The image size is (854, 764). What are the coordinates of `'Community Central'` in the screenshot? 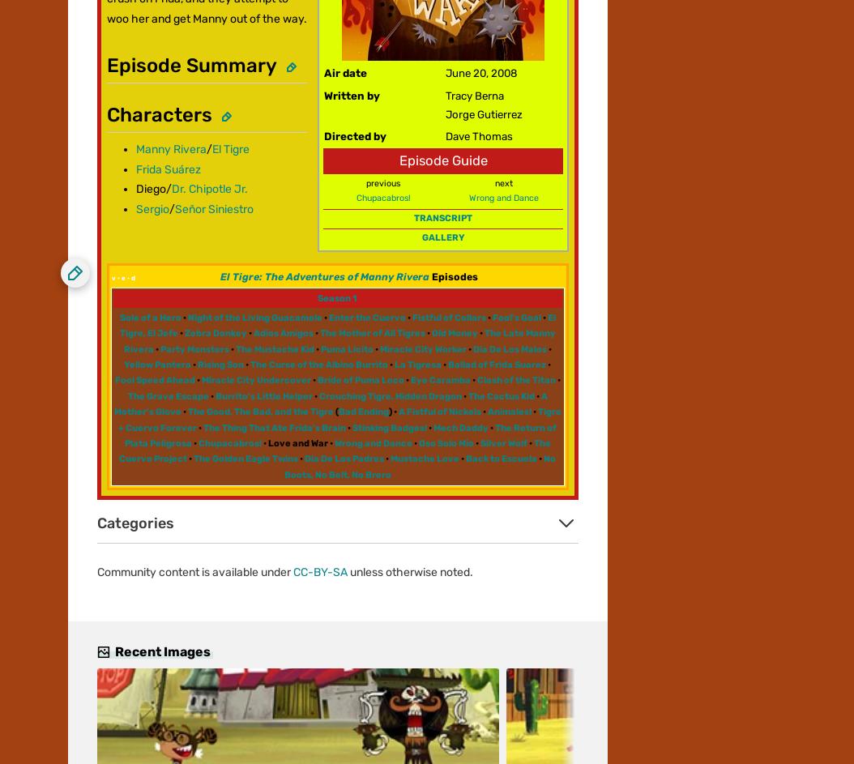 It's located at (117, 54).